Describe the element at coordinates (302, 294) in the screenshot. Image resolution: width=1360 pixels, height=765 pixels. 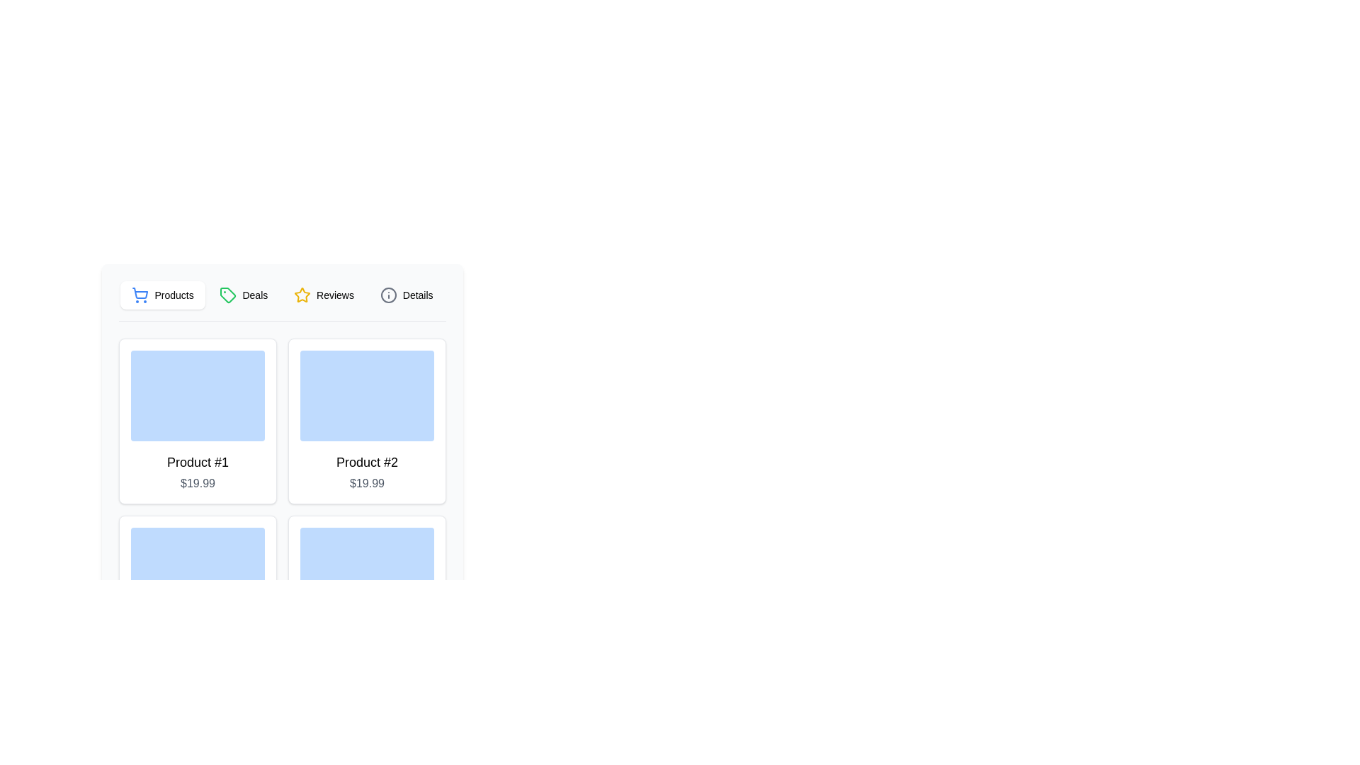
I see `the decorative reviews icon located centrally within the 'Reviews' button area in the top navigation bar` at that location.